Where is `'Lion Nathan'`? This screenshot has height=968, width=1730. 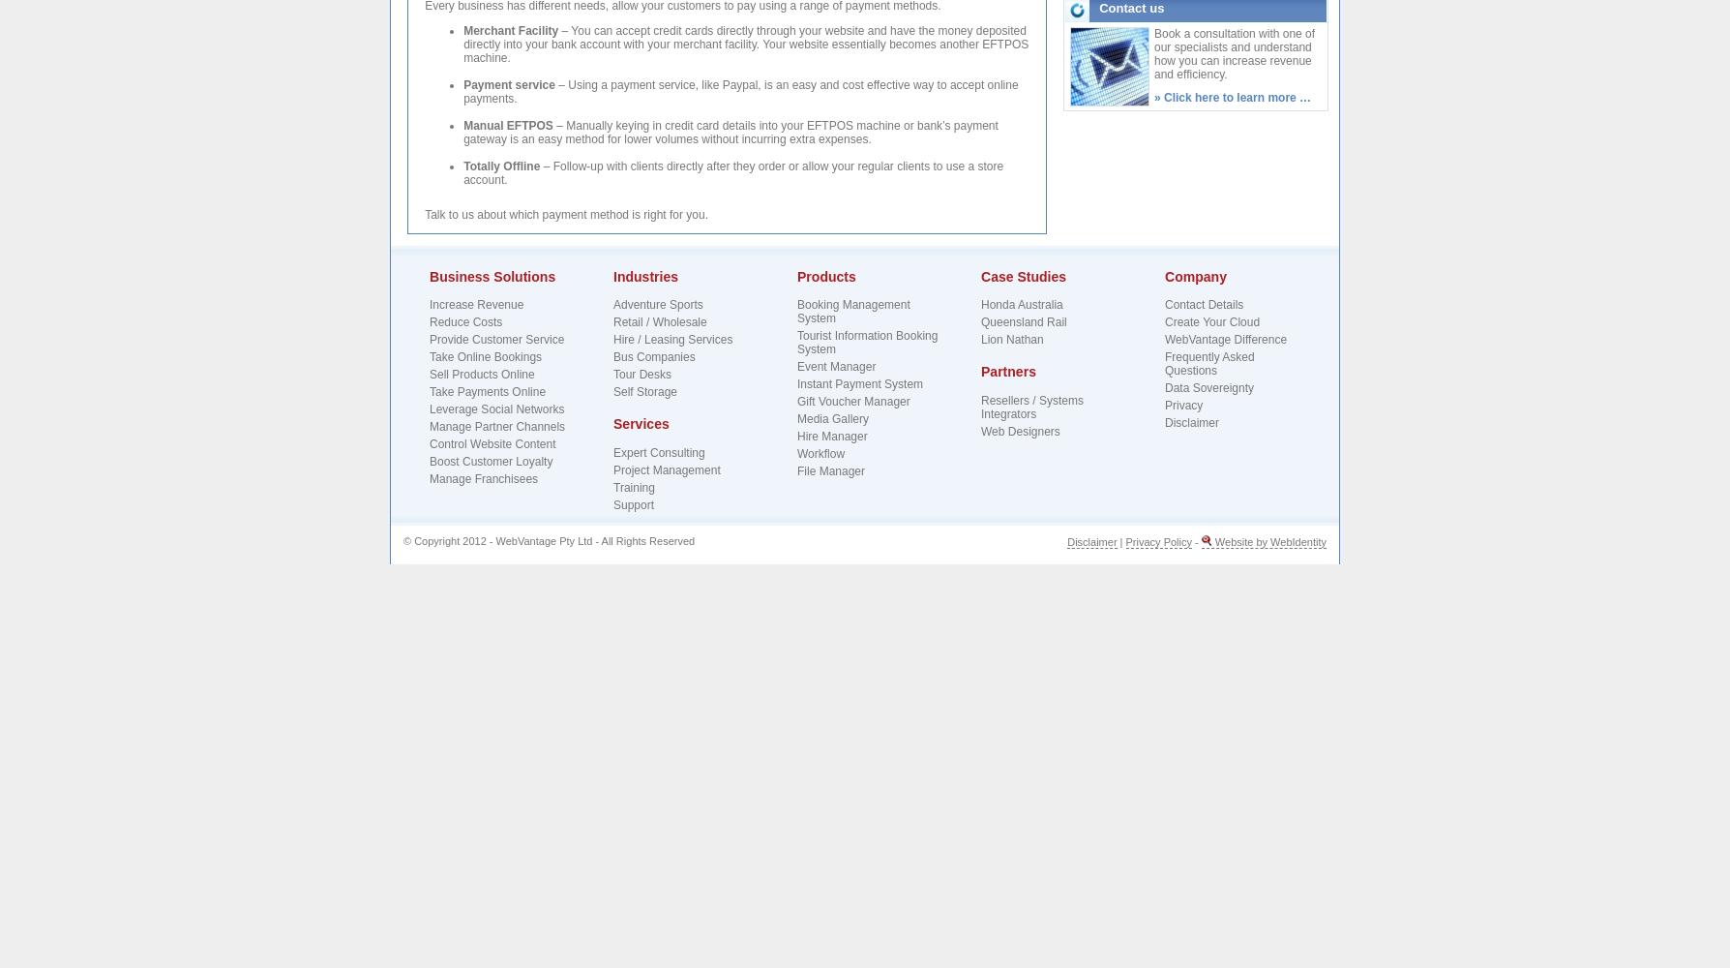
'Lion Nathan' is located at coordinates (980, 339).